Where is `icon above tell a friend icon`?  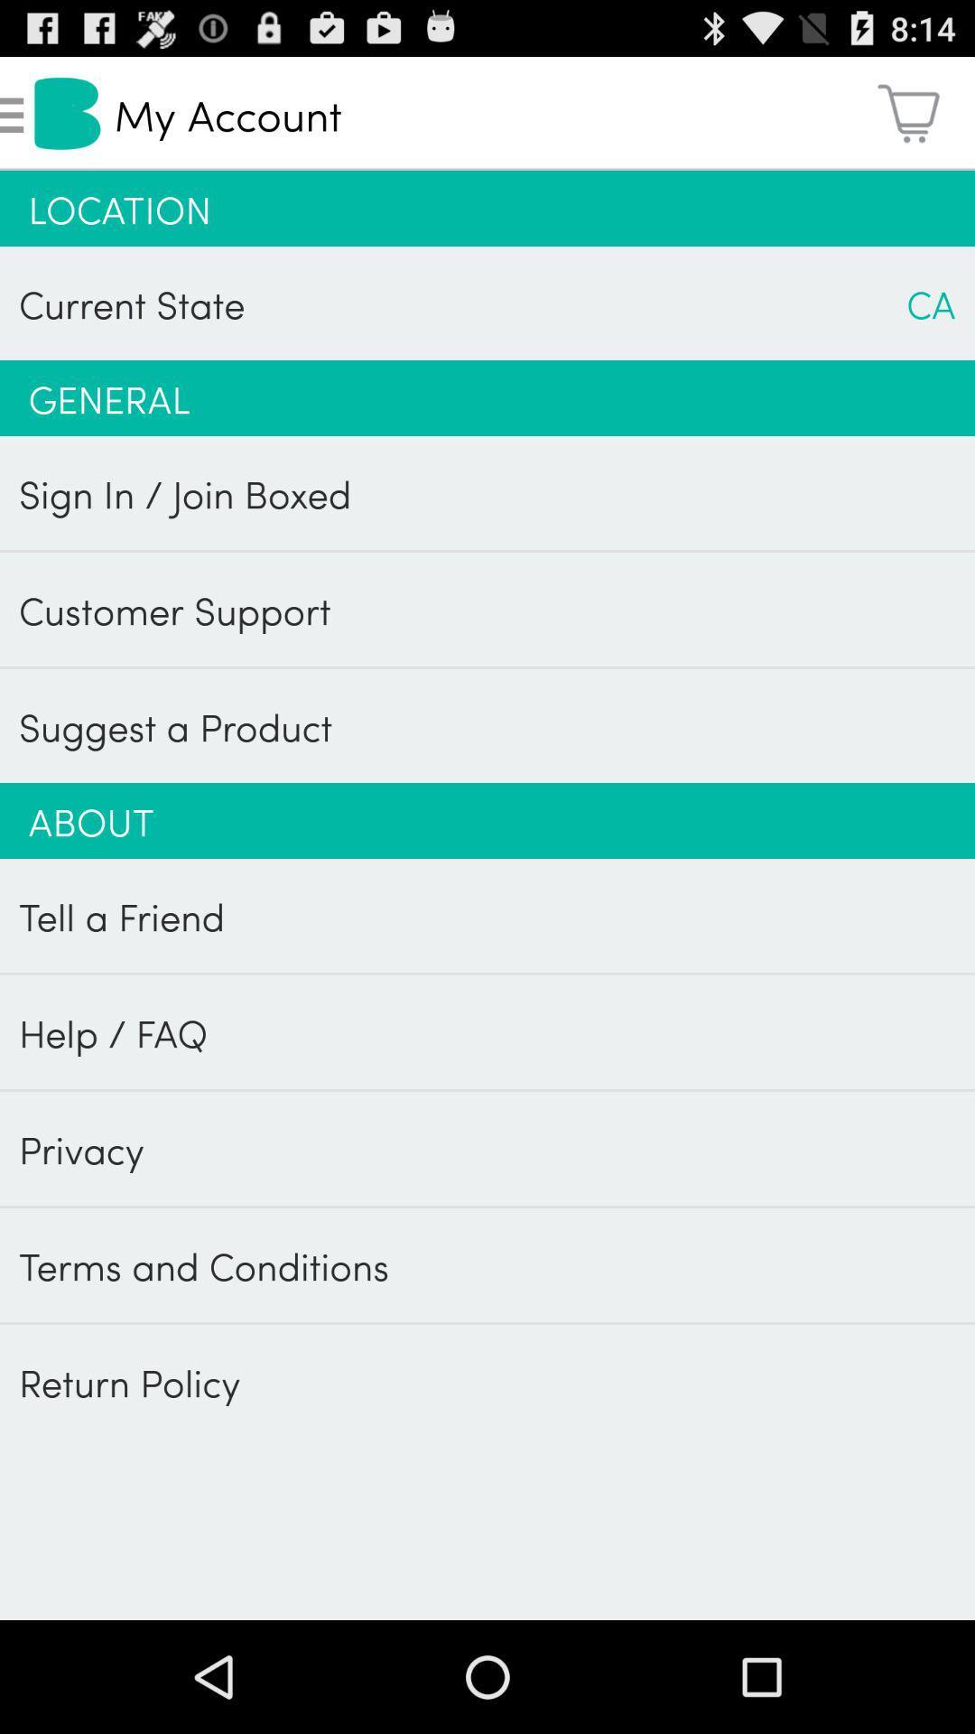 icon above tell a friend icon is located at coordinates (487, 819).